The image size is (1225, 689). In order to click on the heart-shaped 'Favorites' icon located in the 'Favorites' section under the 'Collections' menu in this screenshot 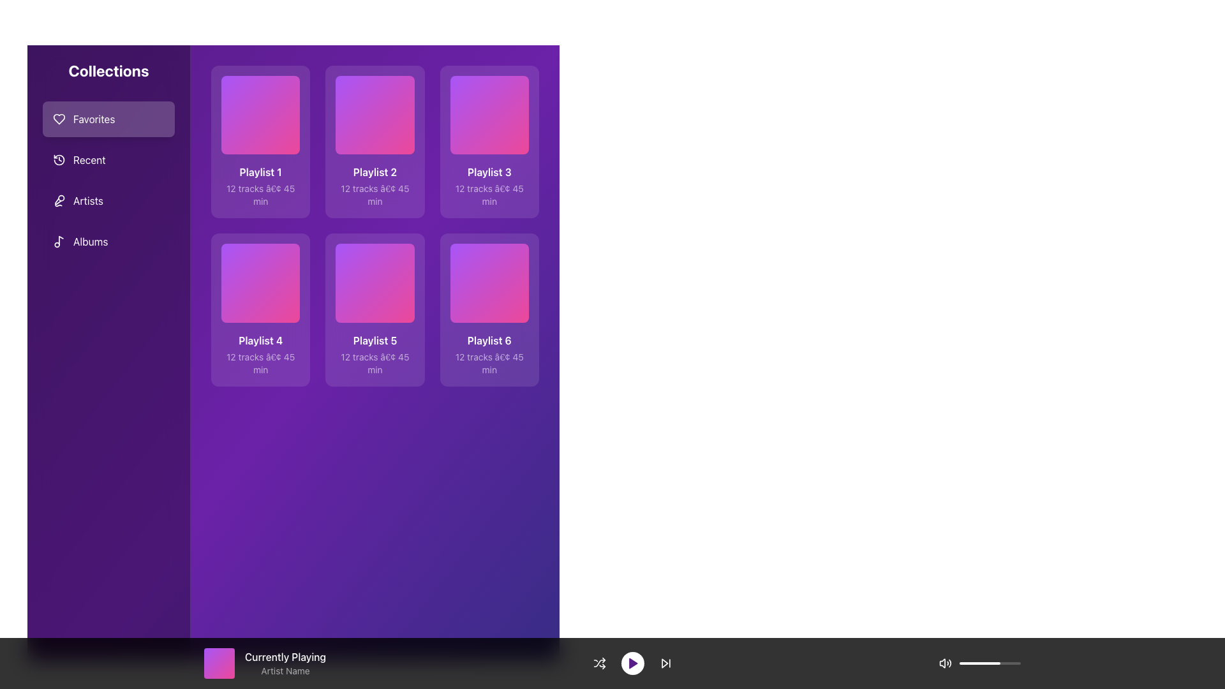, I will do `click(58, 119)`.